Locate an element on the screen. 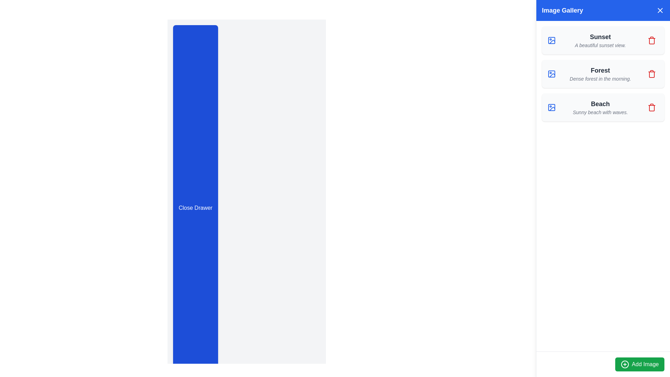 This screenshot has height=377, width=670. the red trash can icon located at the top-right corner of the 'Sunset' item is located at coordinates (651, 40).